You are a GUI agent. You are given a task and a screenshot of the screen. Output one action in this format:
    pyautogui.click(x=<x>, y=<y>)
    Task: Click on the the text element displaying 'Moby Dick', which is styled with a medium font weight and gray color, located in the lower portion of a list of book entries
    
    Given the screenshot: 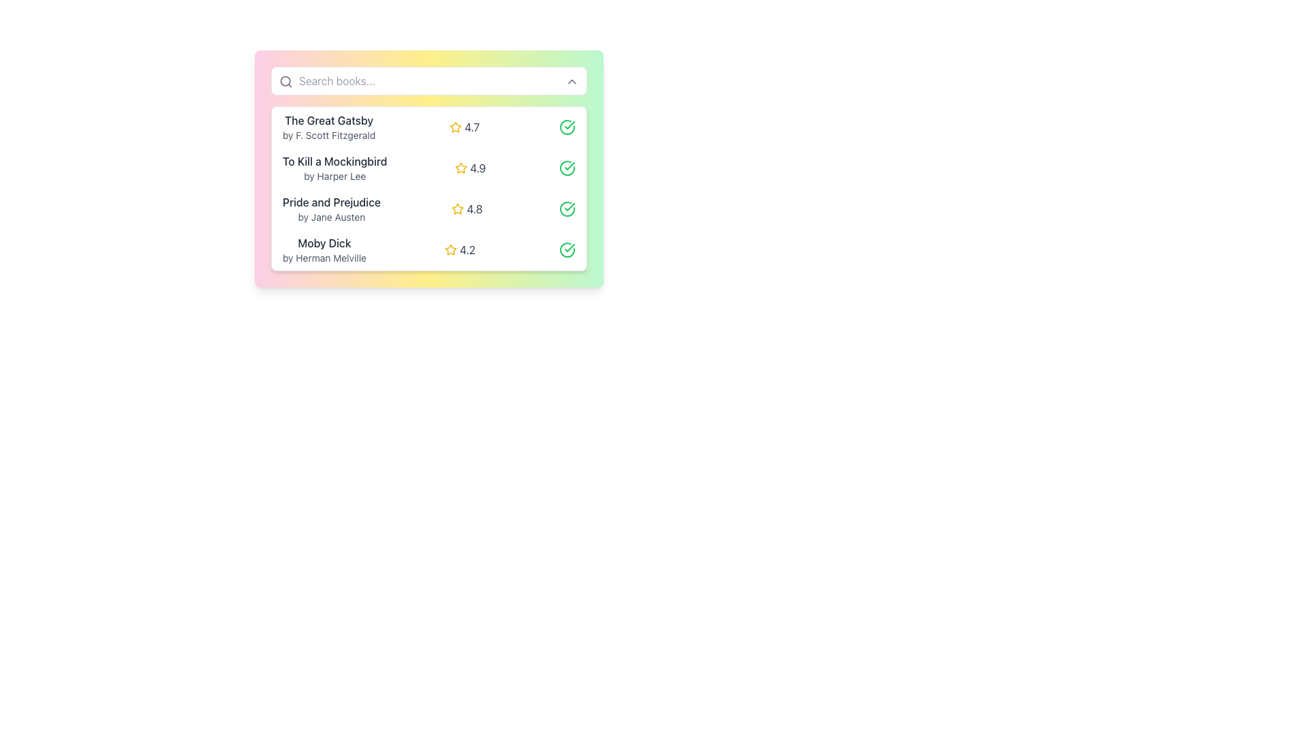 What is the action you would take?
    pyautogui.click(x=324, y=243)
    